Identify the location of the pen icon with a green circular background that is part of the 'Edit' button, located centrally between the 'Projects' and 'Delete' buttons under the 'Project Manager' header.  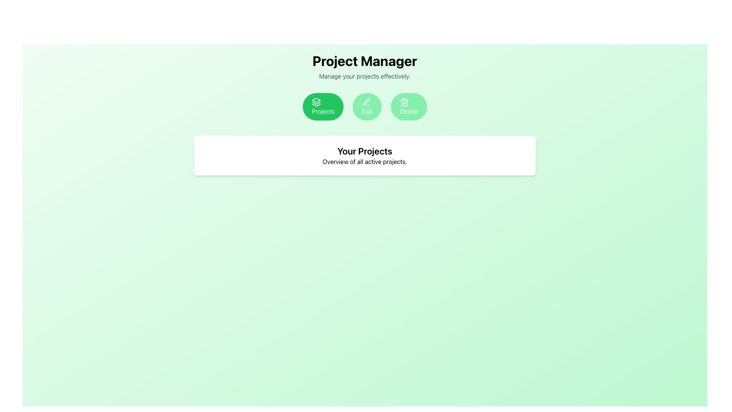
(366, 101).